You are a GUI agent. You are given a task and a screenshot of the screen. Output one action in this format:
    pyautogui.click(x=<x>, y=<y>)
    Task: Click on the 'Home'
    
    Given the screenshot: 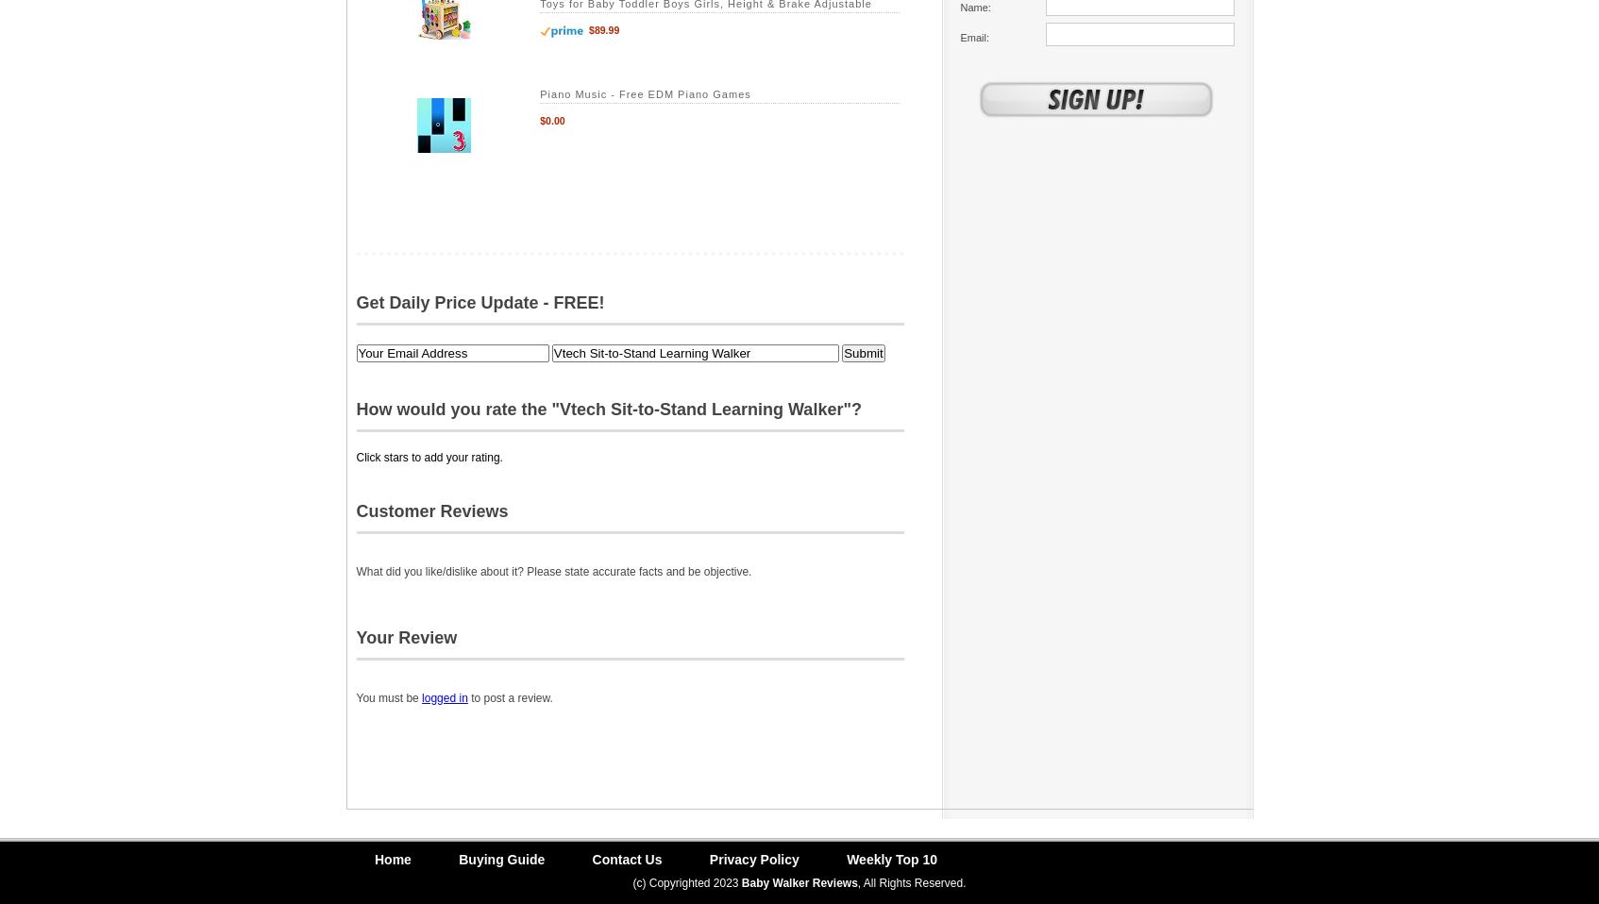 What is the action you would take?
    pyautogui.click(x=392, y=859)
    